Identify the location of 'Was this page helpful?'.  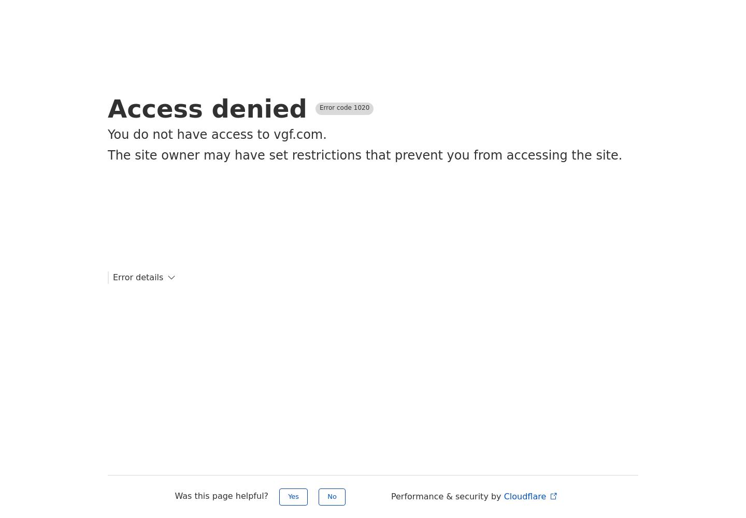
(222, 495).